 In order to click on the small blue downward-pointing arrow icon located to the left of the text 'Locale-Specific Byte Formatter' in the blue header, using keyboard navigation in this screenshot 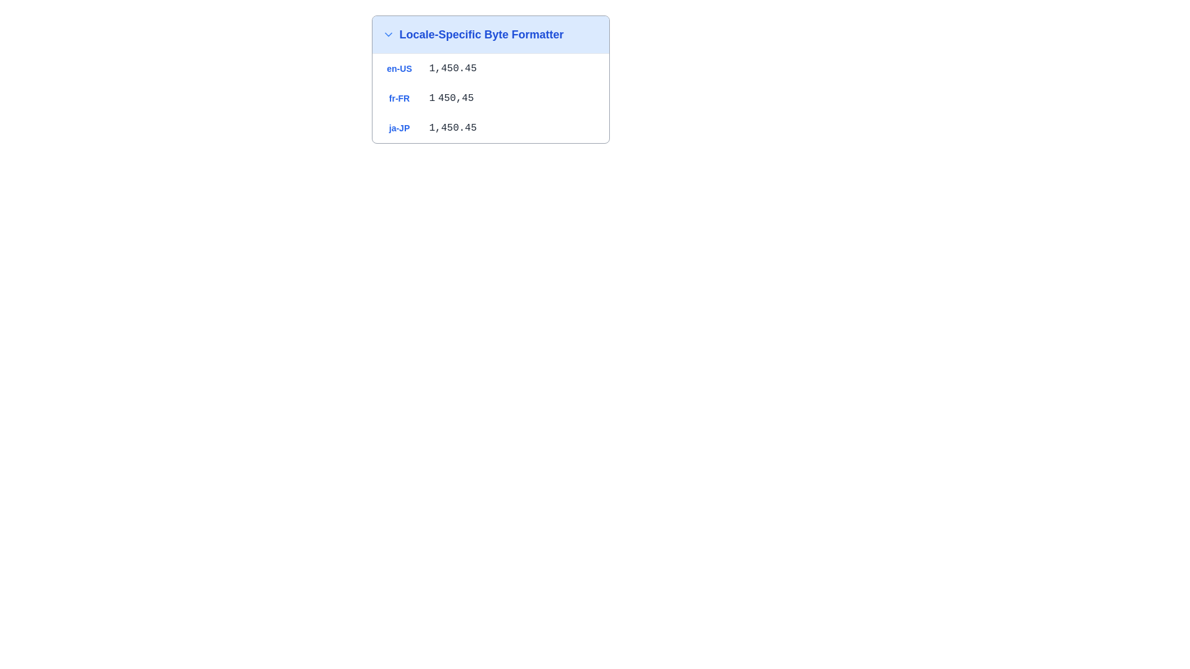, I will do `click(387, 34)`.